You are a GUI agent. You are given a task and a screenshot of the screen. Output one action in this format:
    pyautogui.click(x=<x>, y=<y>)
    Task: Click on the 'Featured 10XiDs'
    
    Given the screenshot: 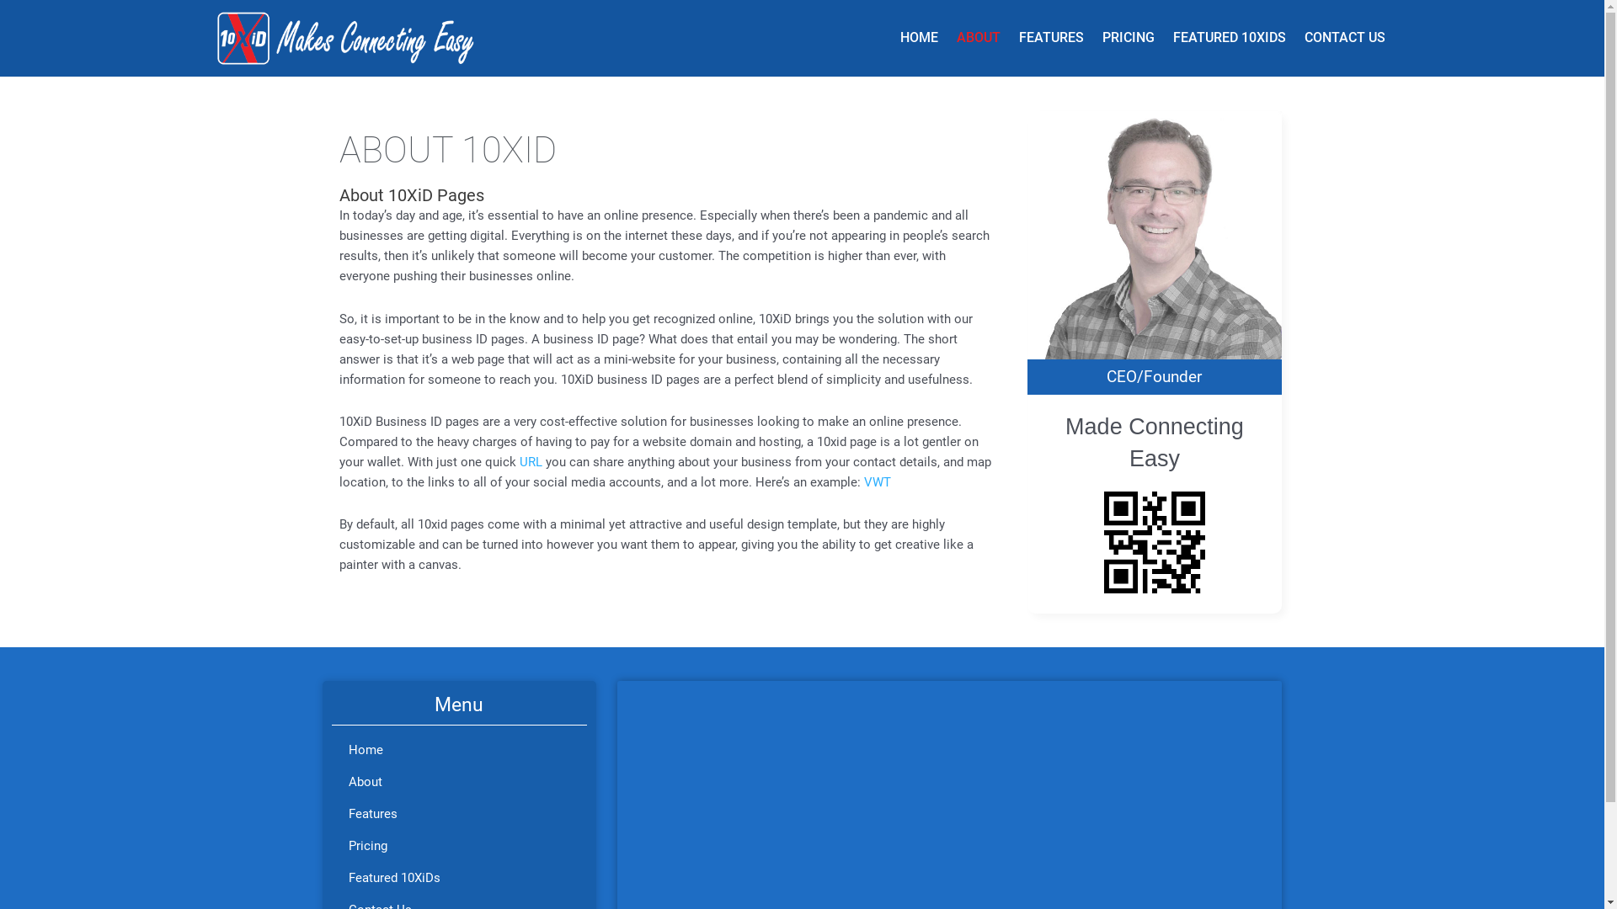 What is the action you would take?
    pyautogui.click(x=460, y=876)
    